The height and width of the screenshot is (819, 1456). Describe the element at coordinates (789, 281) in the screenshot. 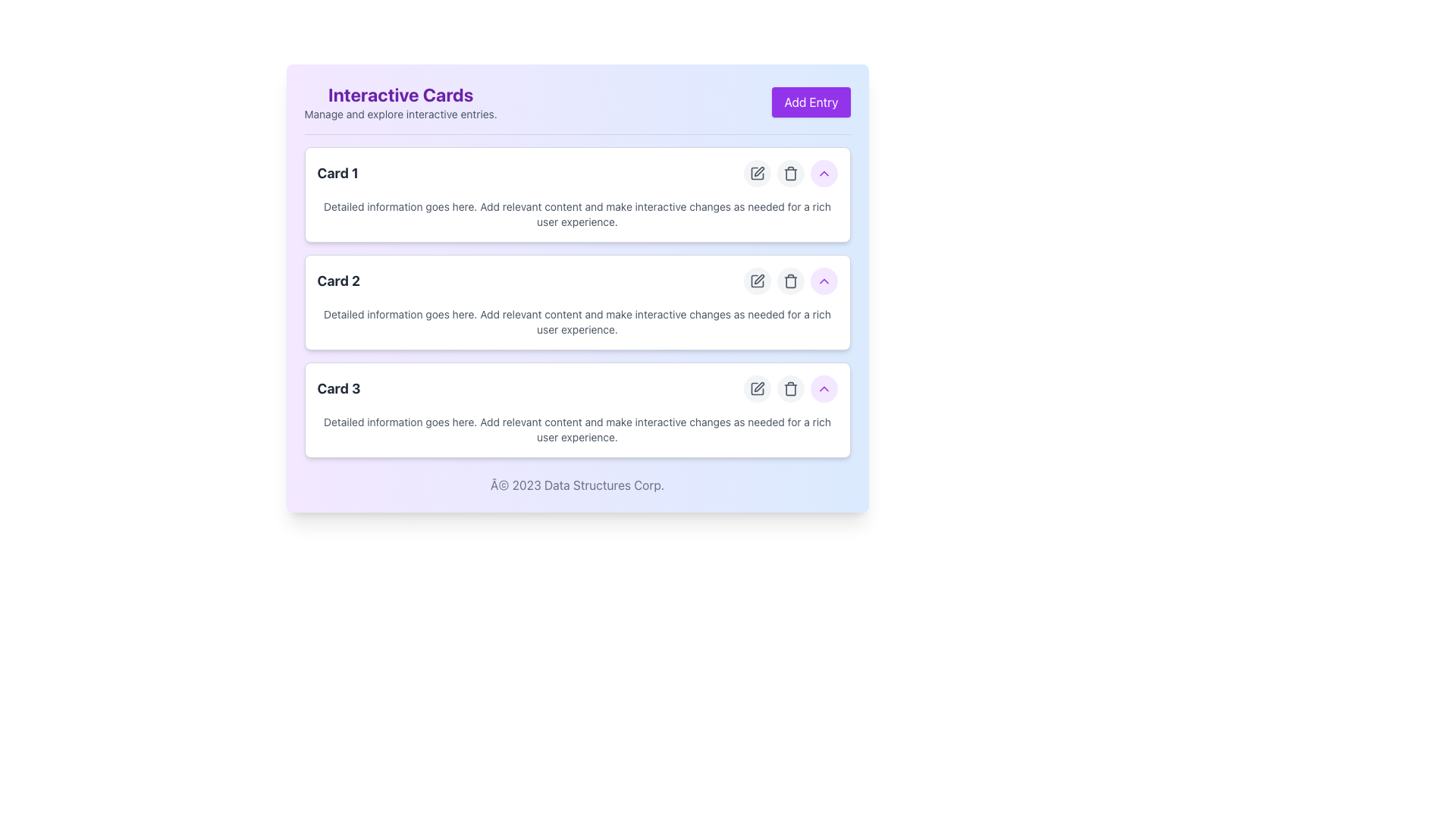

I see `the gray trash icon located in the top-right corner of the second card` at that location.